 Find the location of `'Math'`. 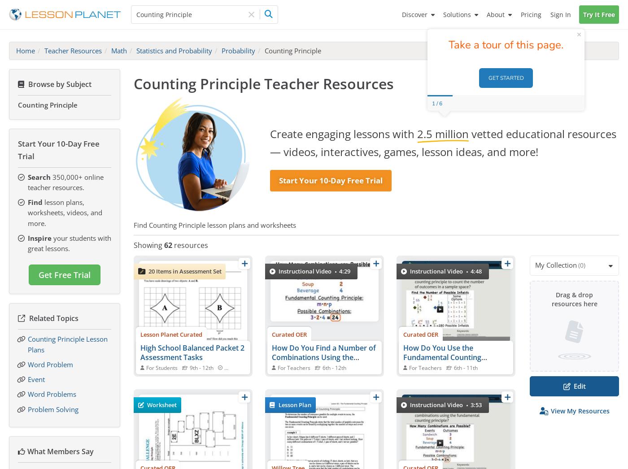

'Math' is located at coordinates (119, 50).